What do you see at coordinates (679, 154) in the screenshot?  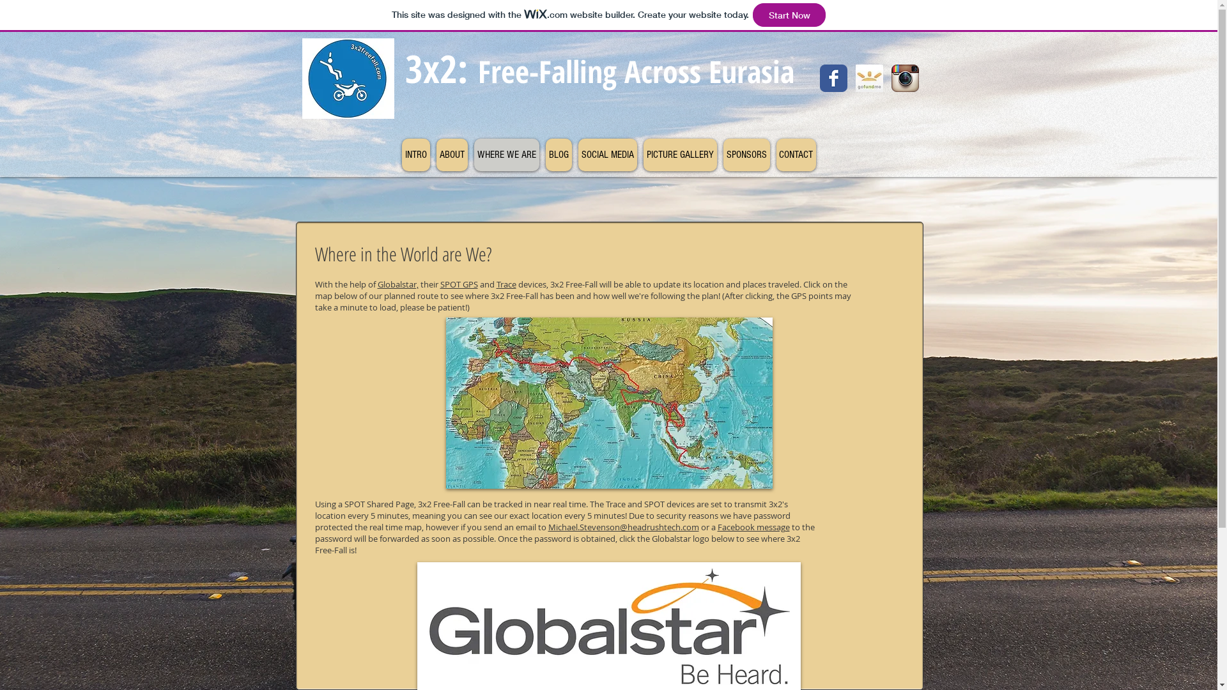 I see `'PICTURE GALLERY'` at bounding box center [679, 154].